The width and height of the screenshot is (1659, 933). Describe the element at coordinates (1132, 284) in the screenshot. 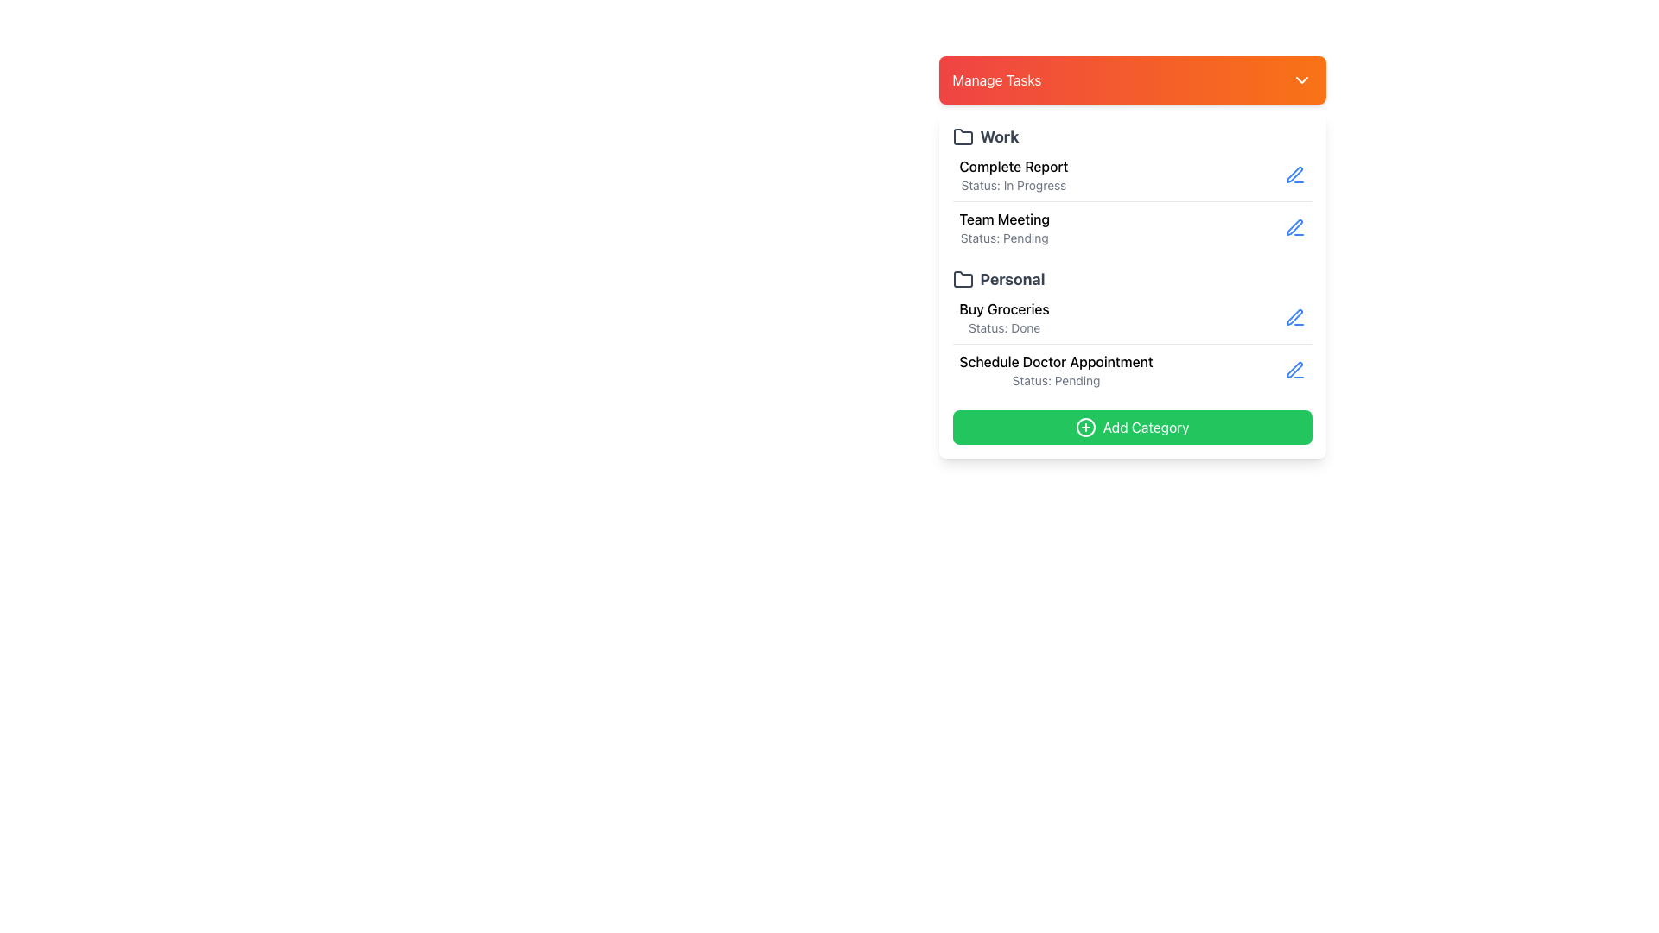

I see `task titles and statuses from the 'Personal' categorized task list section, which has a white background and rounded corners, positioned below the 'Work' section` at that location.